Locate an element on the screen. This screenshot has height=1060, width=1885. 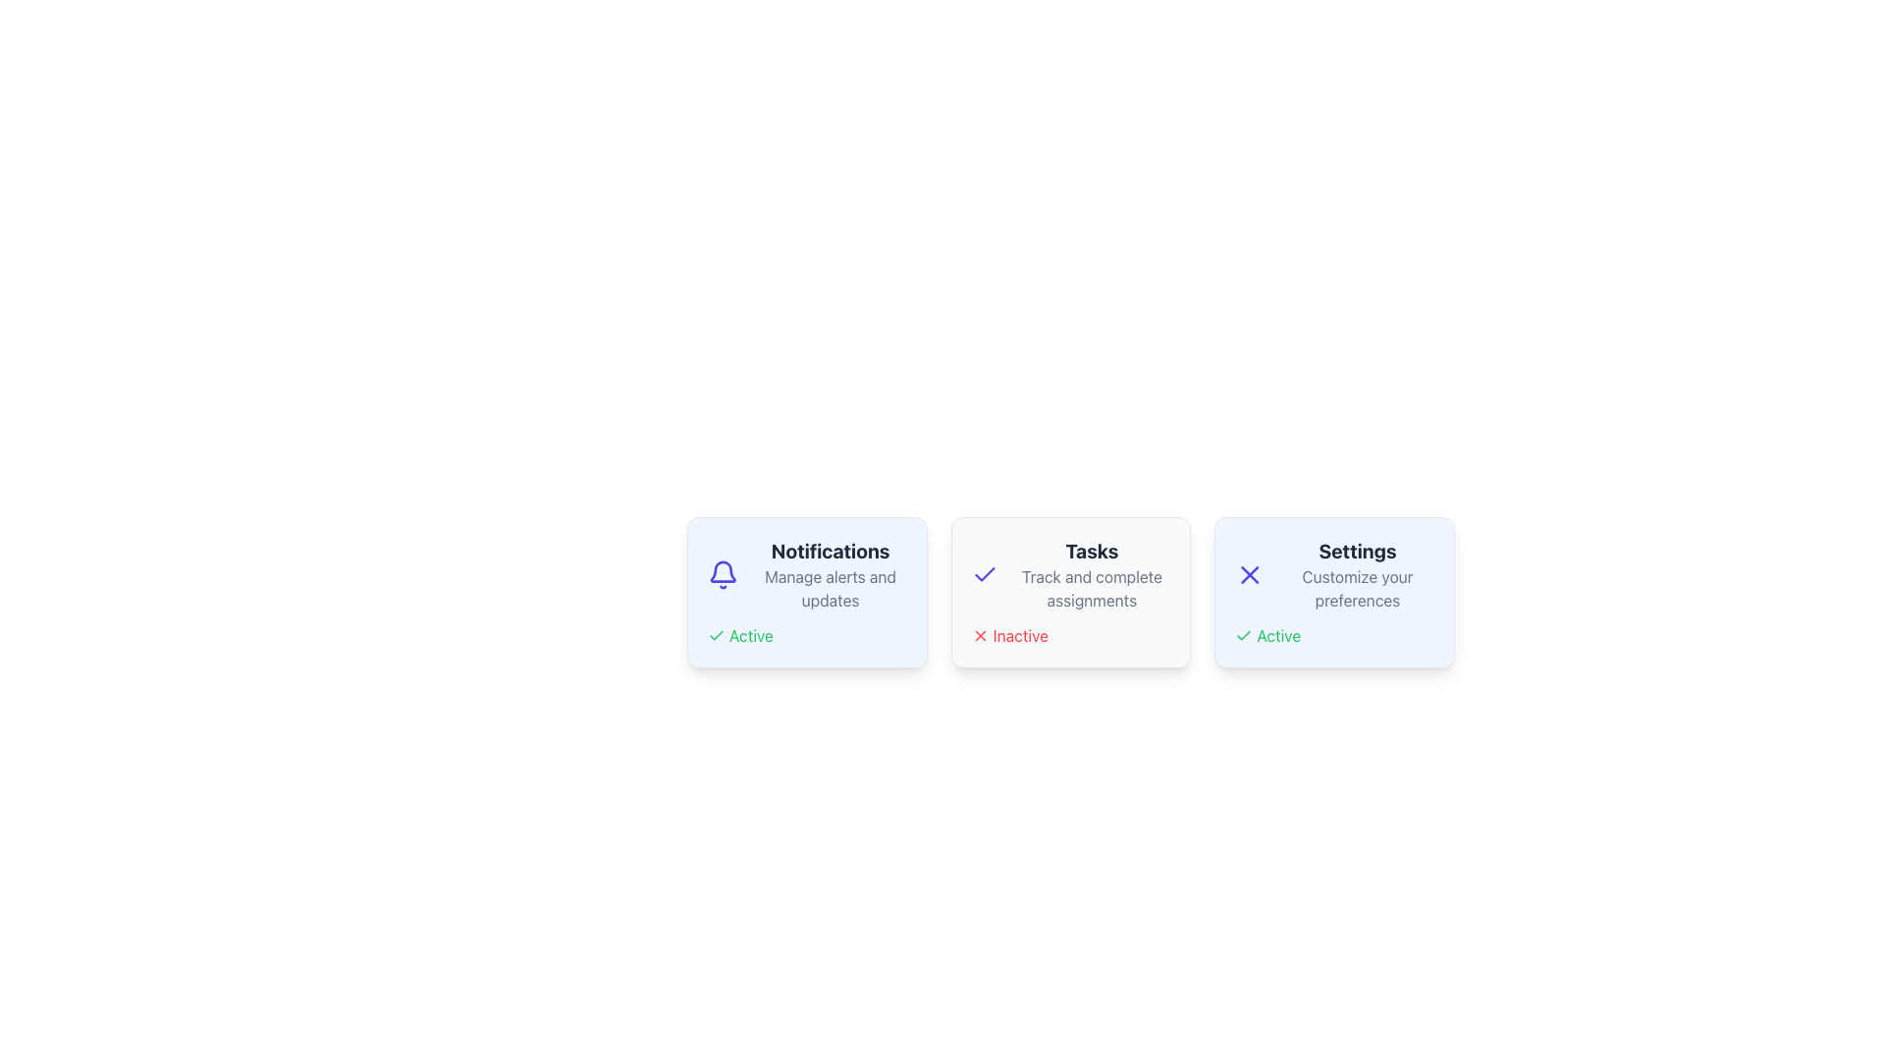
the bell-shaped notification icon located in the top-left corner of the 'Notifications' card is located at coordinates (722, 571).